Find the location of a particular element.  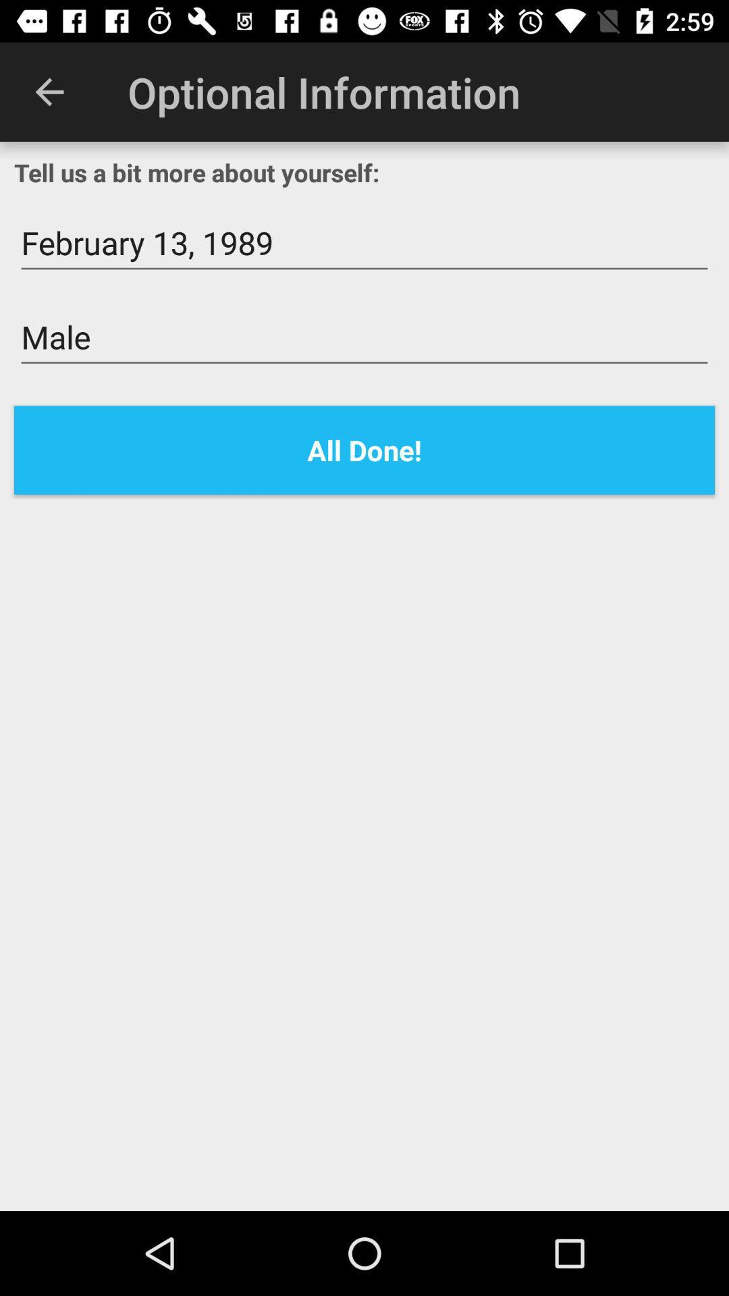

the icon below male is located at coordinates (364, 450).